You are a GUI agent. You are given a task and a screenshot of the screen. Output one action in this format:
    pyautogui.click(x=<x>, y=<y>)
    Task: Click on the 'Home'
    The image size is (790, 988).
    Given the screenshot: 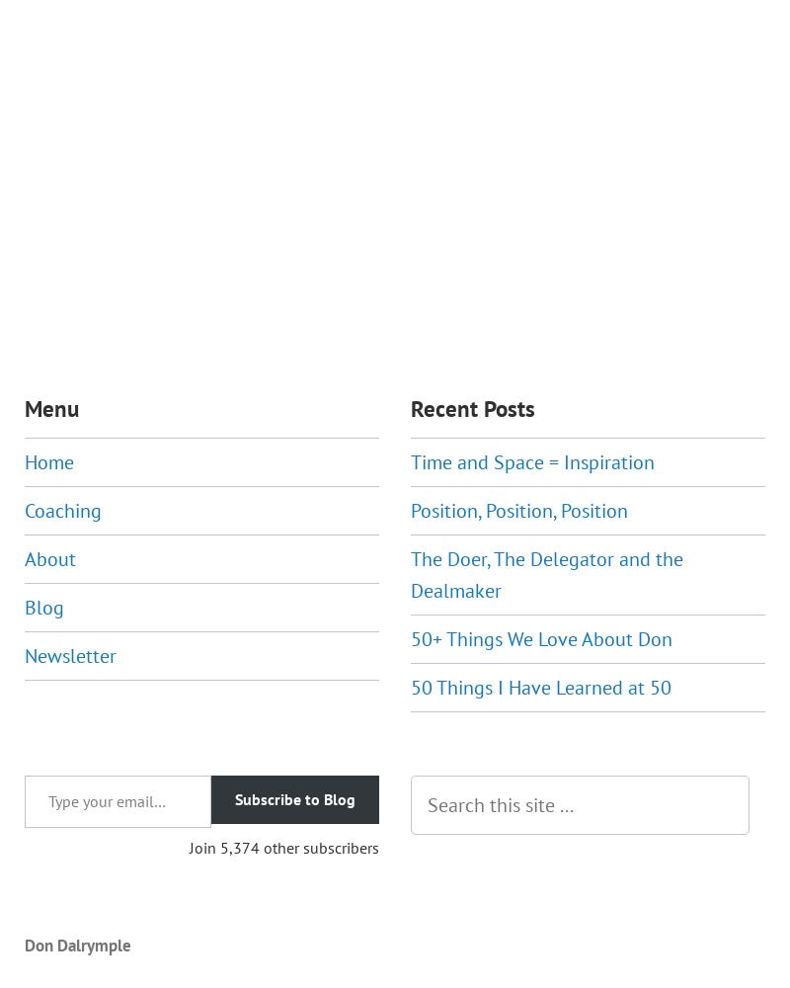 What is the action you would take?
    pyautogui.click(x=48, y=460)
    